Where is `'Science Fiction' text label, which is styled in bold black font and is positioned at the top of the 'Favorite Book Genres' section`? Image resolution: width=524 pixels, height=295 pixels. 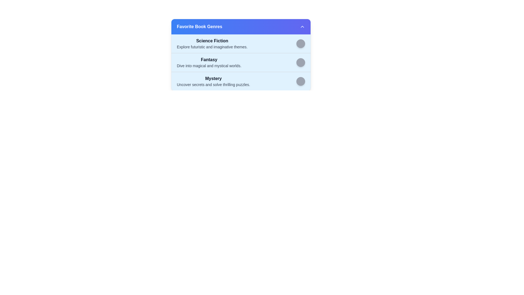 'Science Fiction' text label, which is styled in bold black font and is positioned at the top of the 'Favorite Book Genres' section is located at coordinates (212, 41).